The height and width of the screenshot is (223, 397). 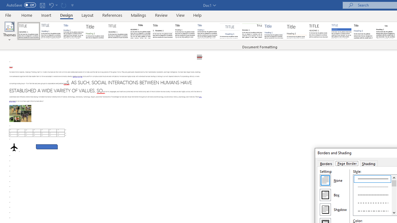 I want to click on 'Morphological variation in six dogs', so click(x=20, y=113).